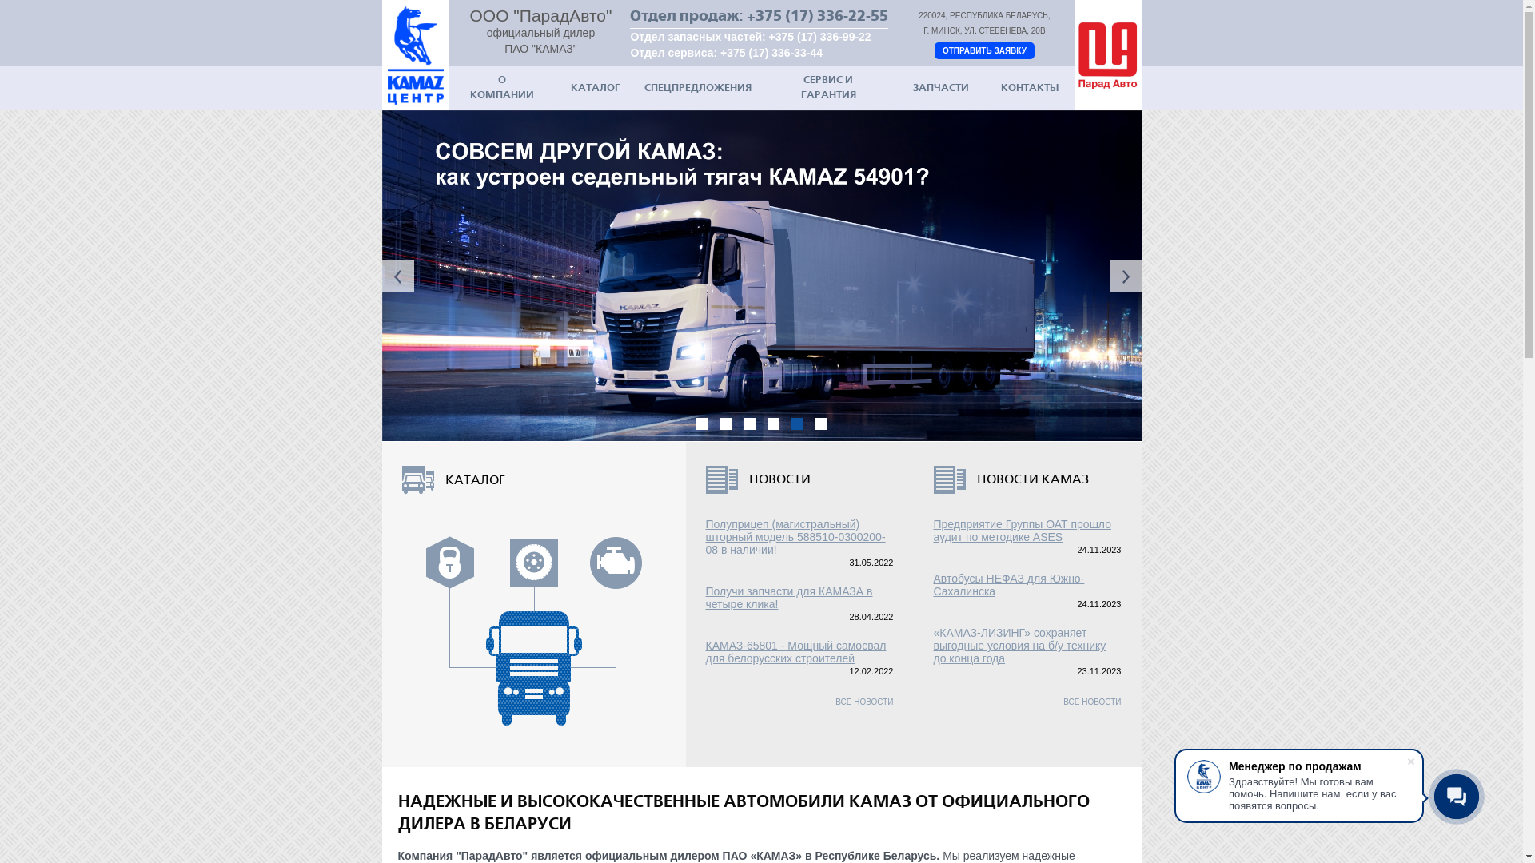 The width and height of the screenshot is (1535, 863). Describe the element at coordinates (771, 51) in the screenshot. I see `'+375 (17) 336-33-44'` at that location.